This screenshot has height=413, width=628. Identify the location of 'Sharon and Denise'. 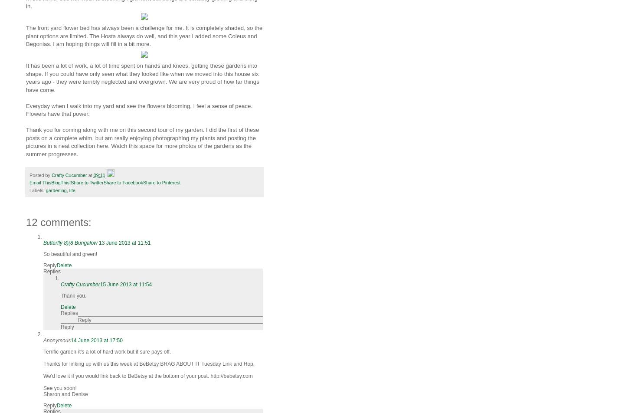
(43, 394).